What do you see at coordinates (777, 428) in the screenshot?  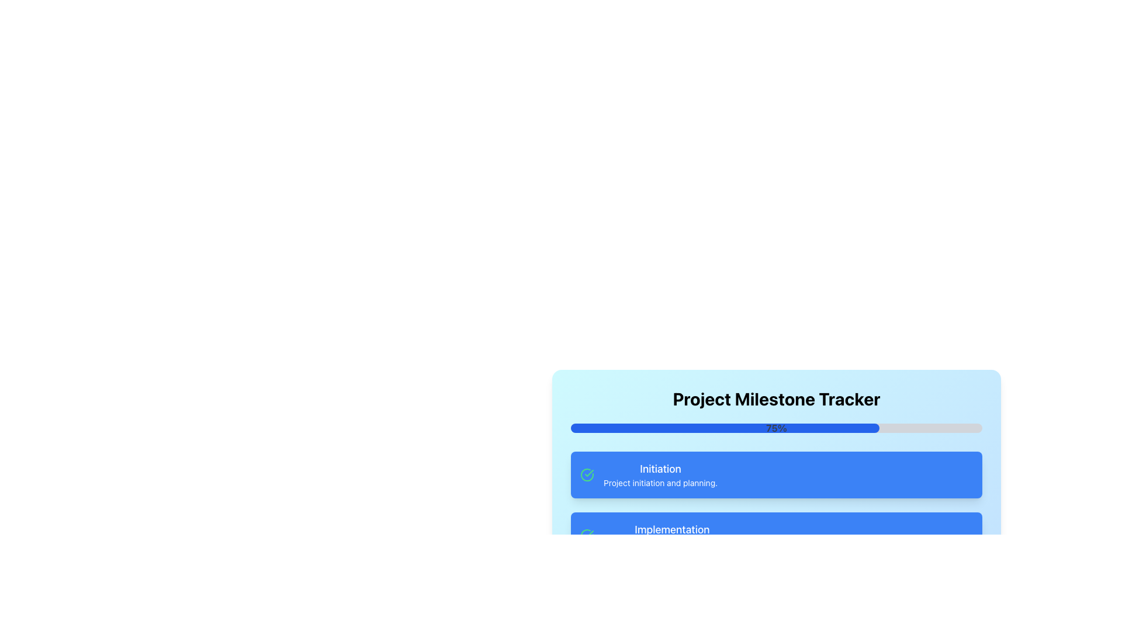 I see `the text label displaying '75%' which is centrally positioned within the blue portion of the progress bar` at bounding box center [777, 428].